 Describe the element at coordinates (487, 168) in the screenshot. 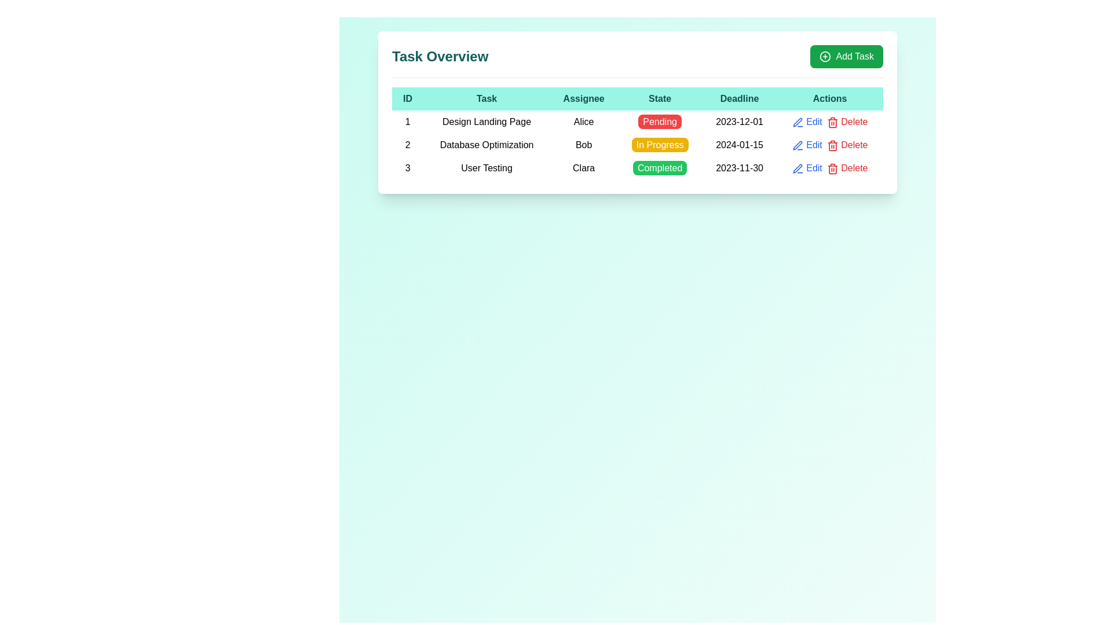

I see `the 'User Testing' text label, which is a bold font style element located in the third row of the table, in the 'Task' column, between 'ID' and 'Assignee'` at that location.